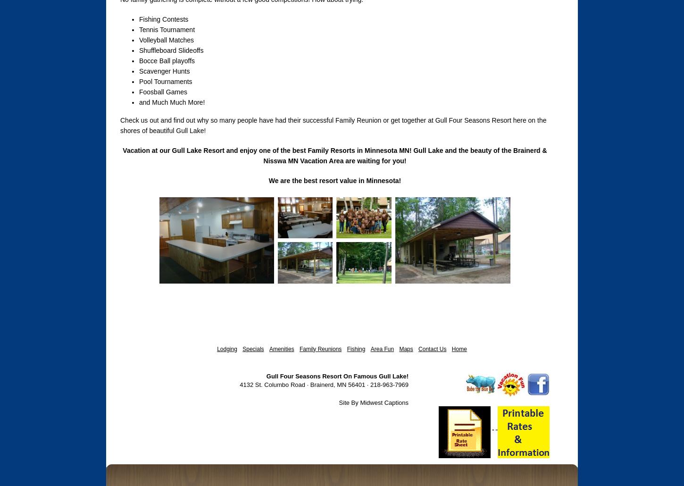  What do you see at coordinates (373, 402) in the screenshot?
I see `'Site By Midwest Captions'` at bounding box center [373, 402].